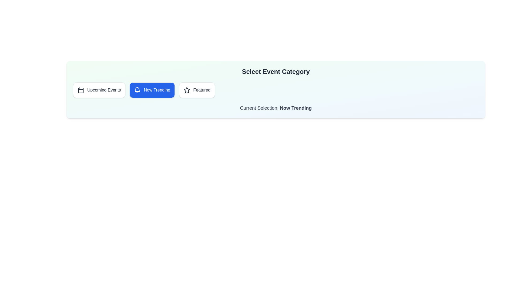 The image size is (514, 289). I want to click on the bell-shaped icon embedded within the 'Now Trending' button, so click(137, 89).